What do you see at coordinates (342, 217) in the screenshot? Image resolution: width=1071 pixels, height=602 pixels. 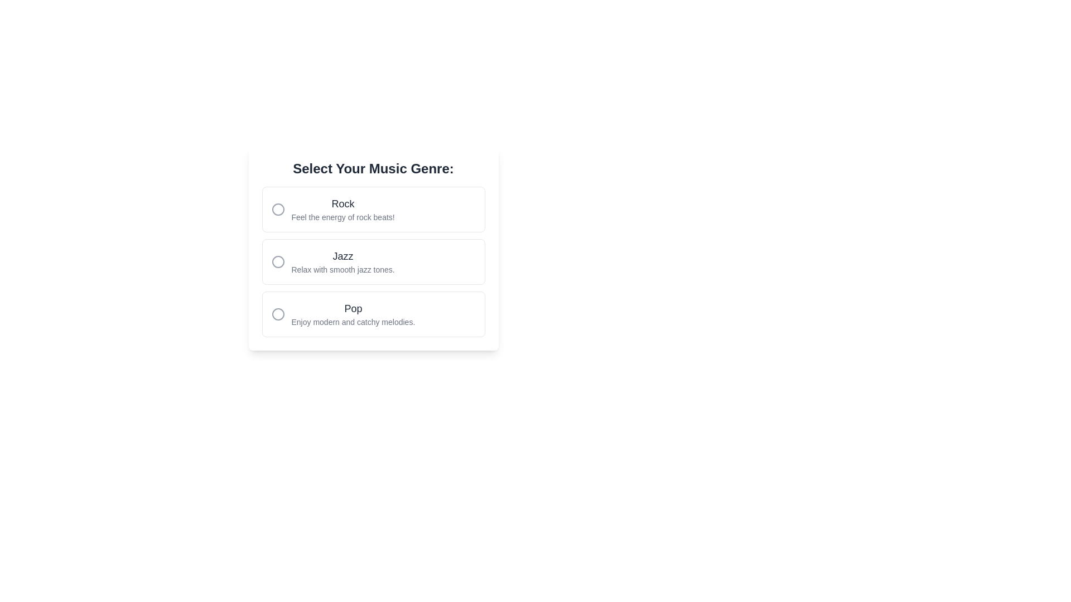 I see `the static text label providing information about the music genre 'Rock', located below the 'Rock' text and horizontally aligned with it` at bounding box center [342, 217].